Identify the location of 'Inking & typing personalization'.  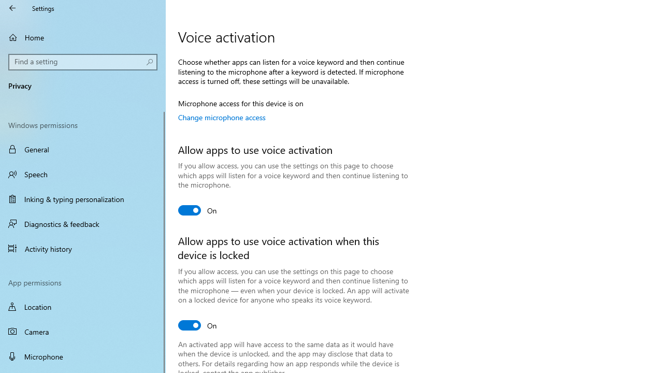
(83, 199).